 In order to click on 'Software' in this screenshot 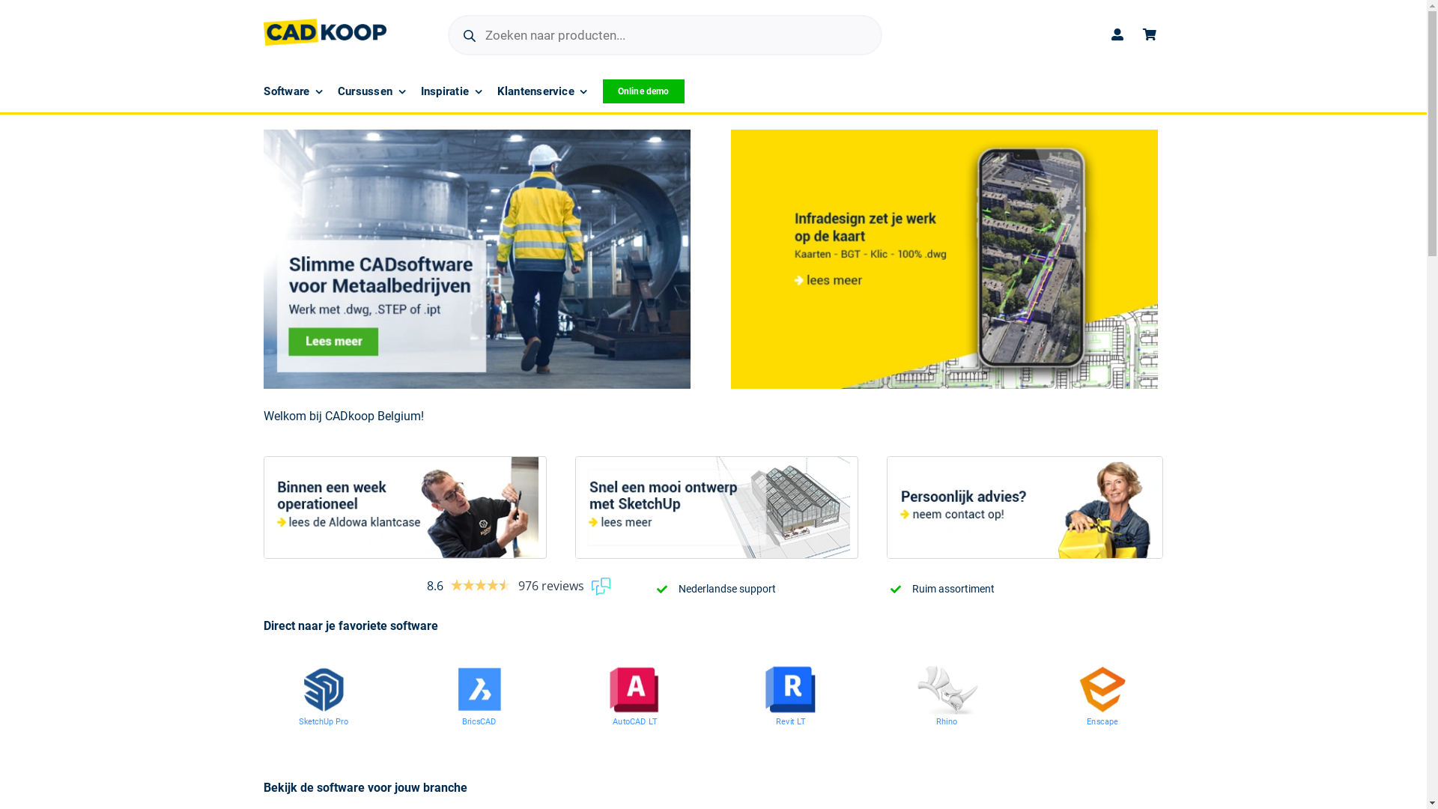, I will do `click(263, 91)`.